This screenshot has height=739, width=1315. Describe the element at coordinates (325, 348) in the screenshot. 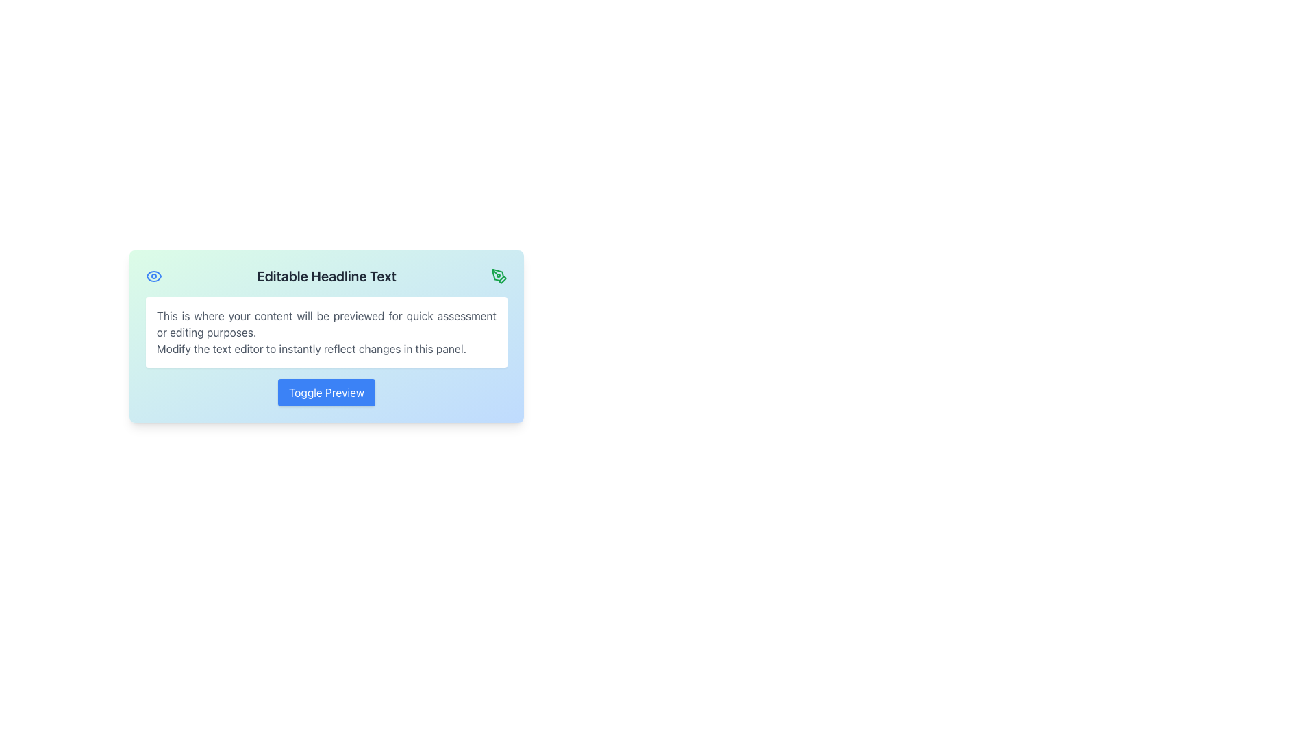

I see `the static text block displaying 'Modify the text editor to instantly reflect changes in this panel.' which is part of a preview panel with a gradient blue-green background` at that location.